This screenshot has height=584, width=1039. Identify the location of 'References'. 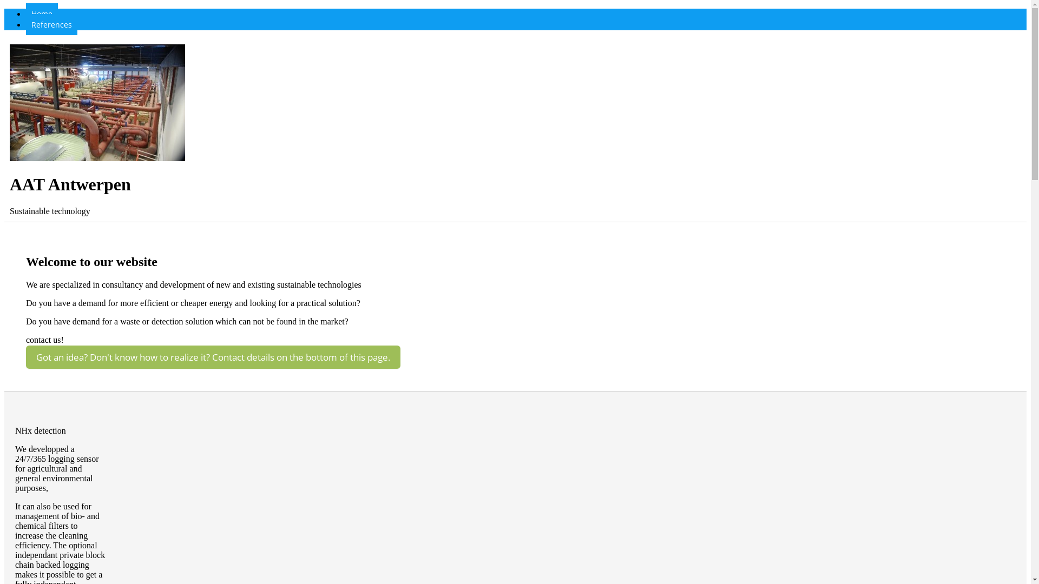
(51, 24).